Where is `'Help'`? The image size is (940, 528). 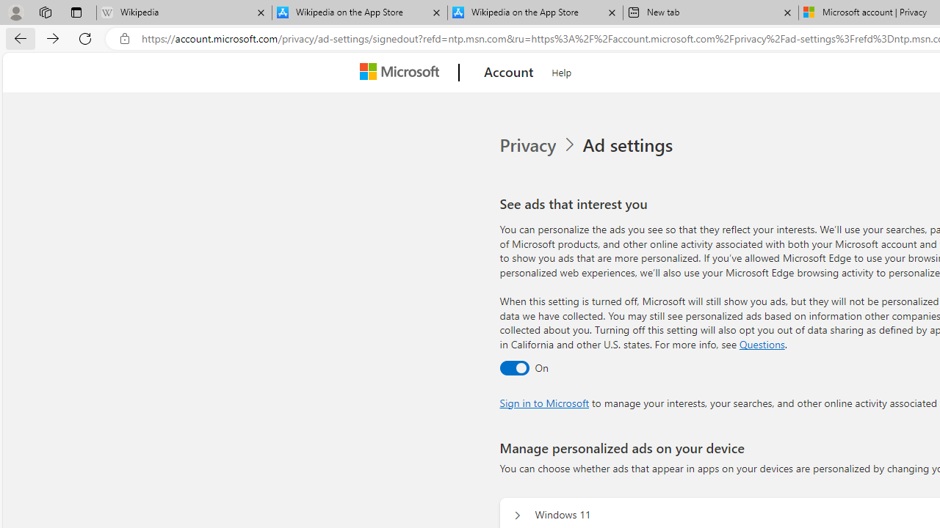 'Help' is located at coordinates (561, 70).